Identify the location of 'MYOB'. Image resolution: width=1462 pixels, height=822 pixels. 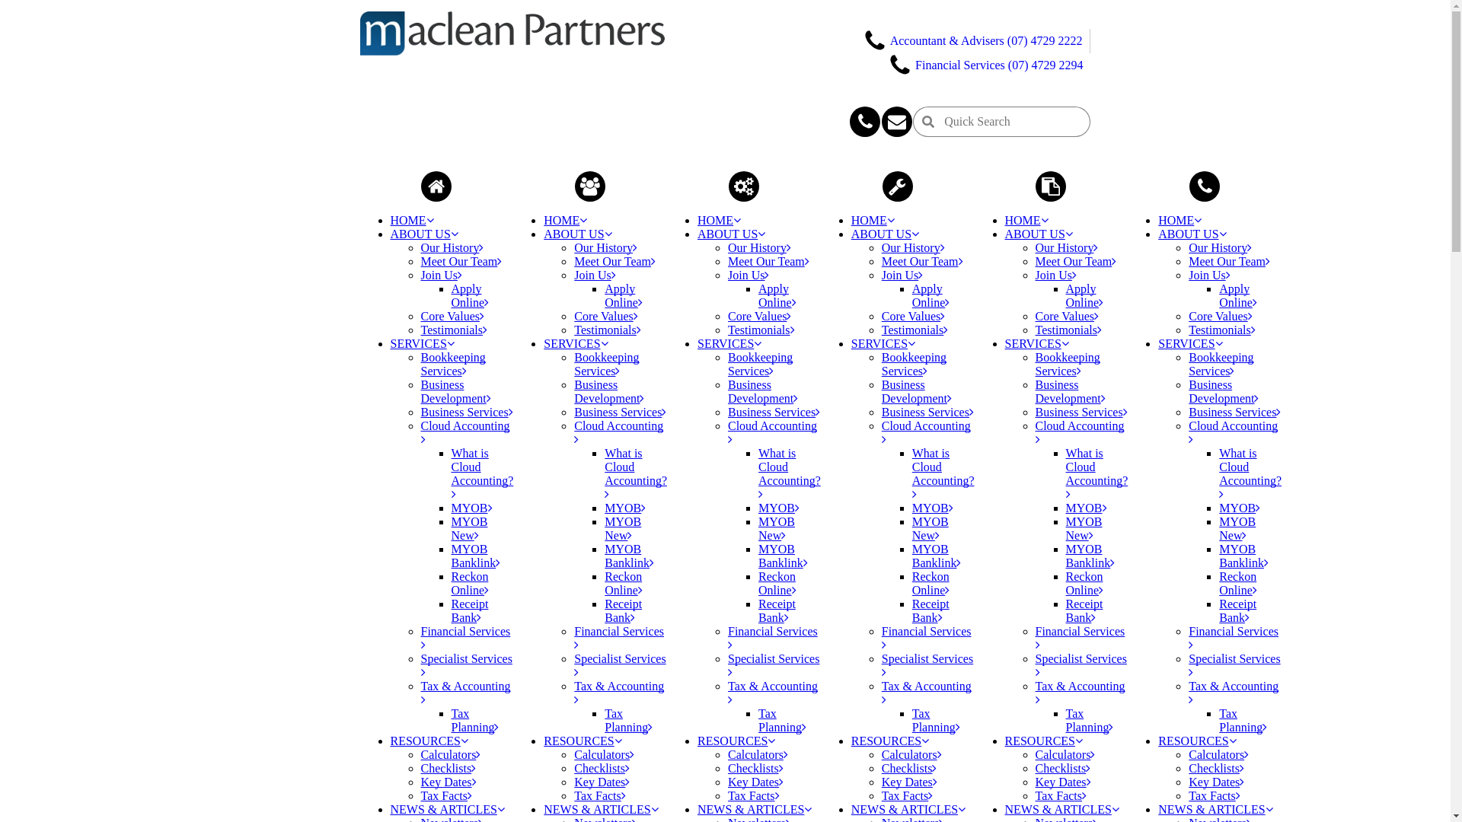
(471, 508).